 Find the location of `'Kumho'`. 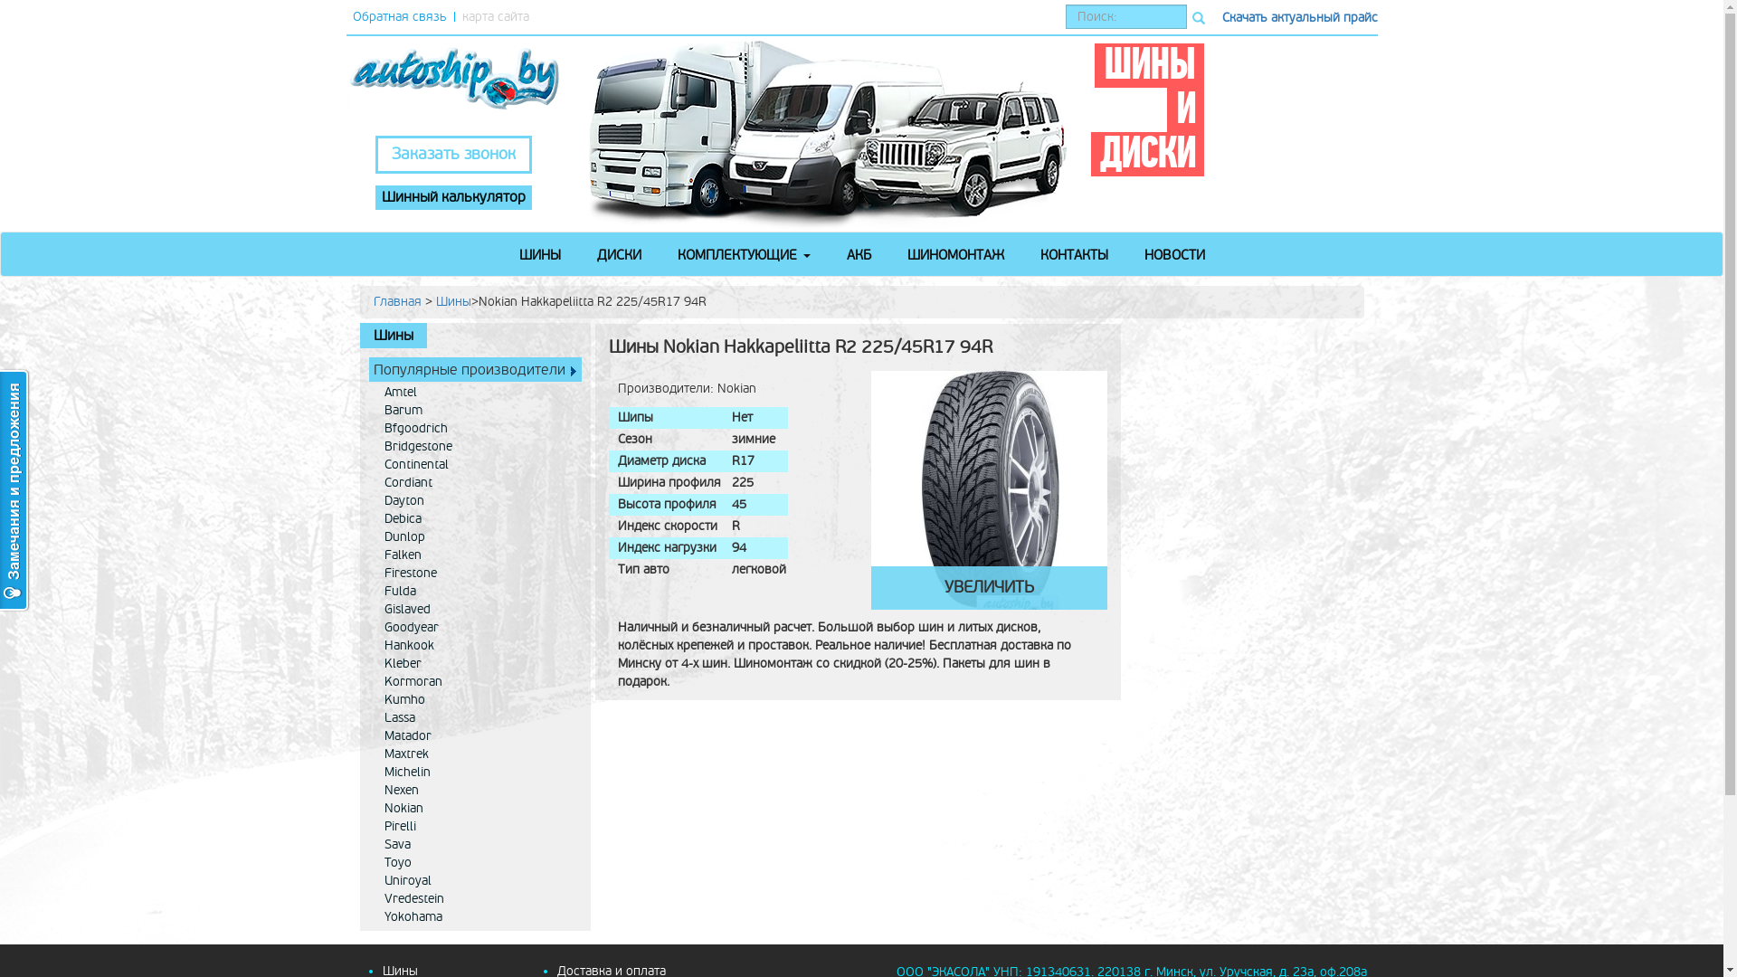

'Kumho' is located at coordinates (478, 699).